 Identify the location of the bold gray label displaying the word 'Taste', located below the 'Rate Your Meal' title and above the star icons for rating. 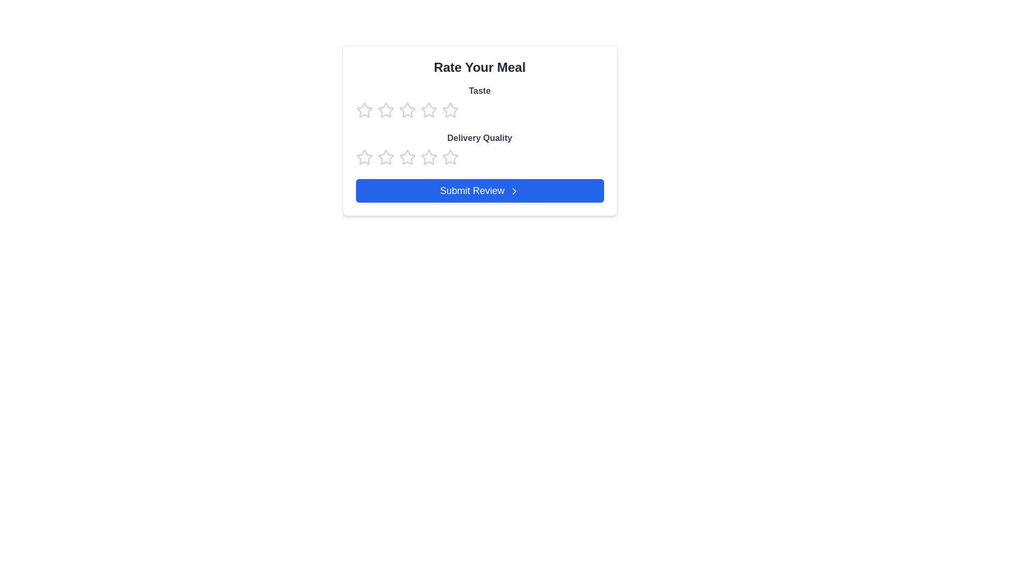
(479, 90).